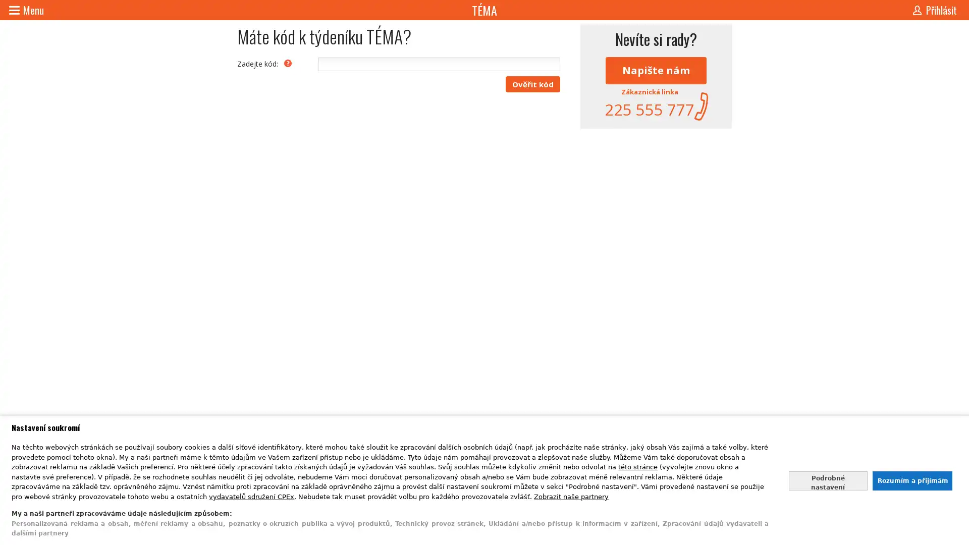  Describe the element at coordinates (532, 83) in the screenshot. I see `Overit kod` at that location.